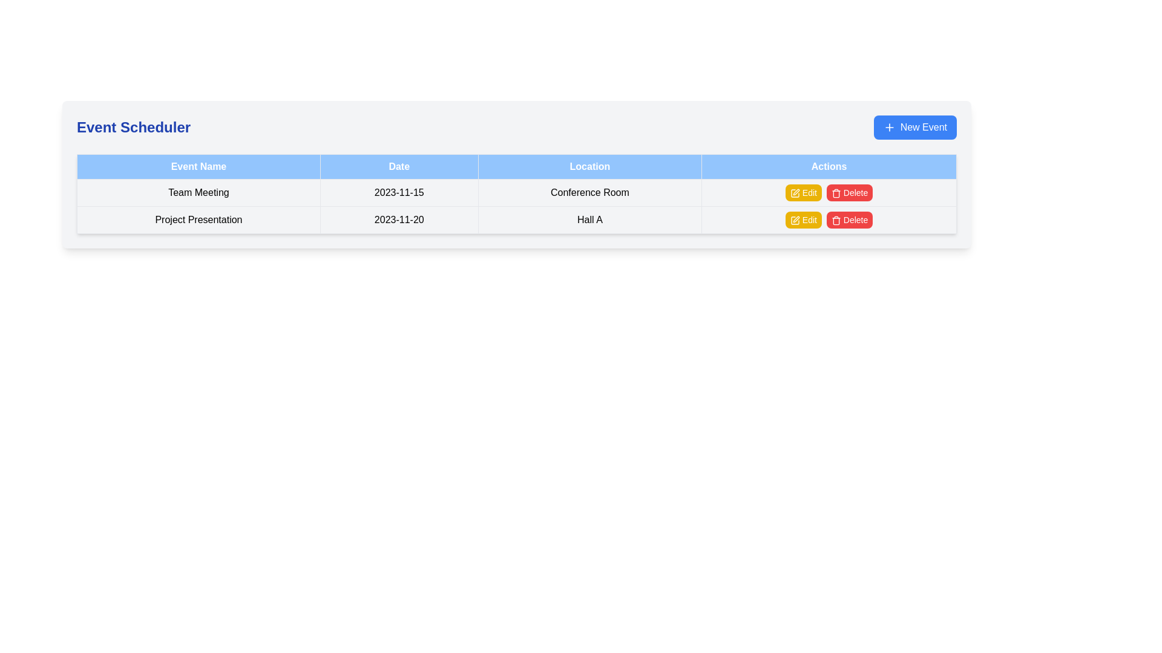 The width and height of the screenshot is (1162, 653). What do you see at coordinates (828, 219) in the screenshot?
I see `the 'Edit' button, which is a yellow button with white text and a pen icon, located in the composite element containing both 'Edit' and 'Delete' buttons, aligned under the 'Actions' column of the 'Project Presentation' row` at bounding box center [828, 219].